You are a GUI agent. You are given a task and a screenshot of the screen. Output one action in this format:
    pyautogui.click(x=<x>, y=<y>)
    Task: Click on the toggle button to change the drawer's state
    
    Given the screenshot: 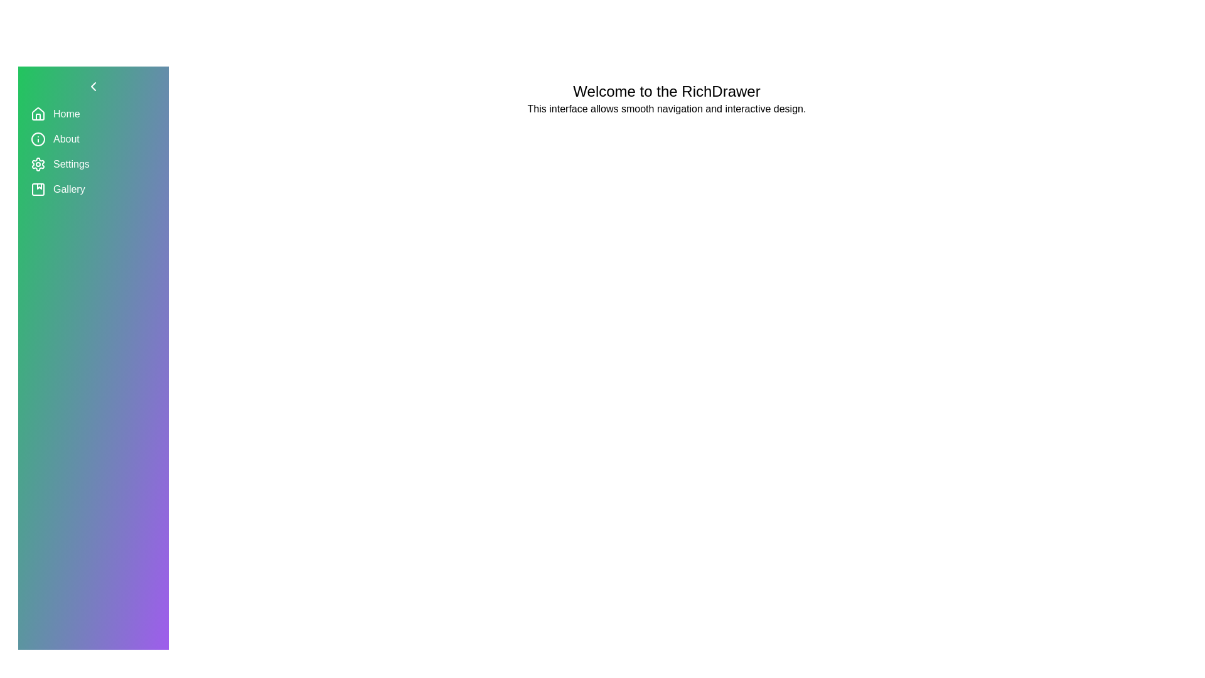 What is the action you would take?
    pyautogui.click(x=92, y=86)
    